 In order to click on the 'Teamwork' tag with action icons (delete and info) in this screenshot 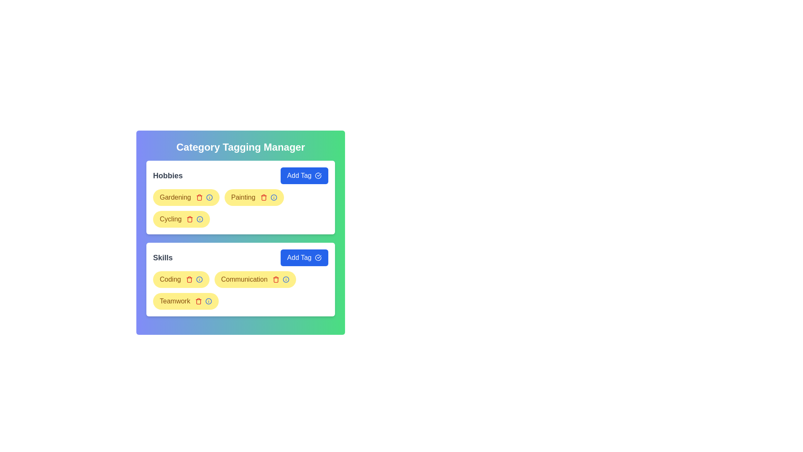, I will do `click(185, 301)`.